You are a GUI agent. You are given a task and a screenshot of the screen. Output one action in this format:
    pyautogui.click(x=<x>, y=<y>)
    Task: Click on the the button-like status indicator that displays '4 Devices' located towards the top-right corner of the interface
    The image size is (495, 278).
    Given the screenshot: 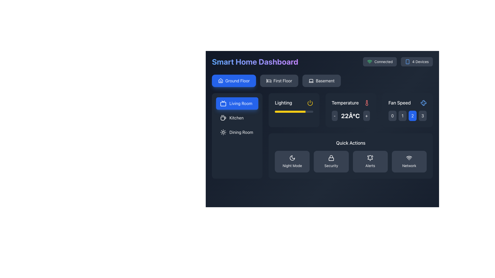 What is the action you would take?
    pyautogui.click(x=417, y=61)
    